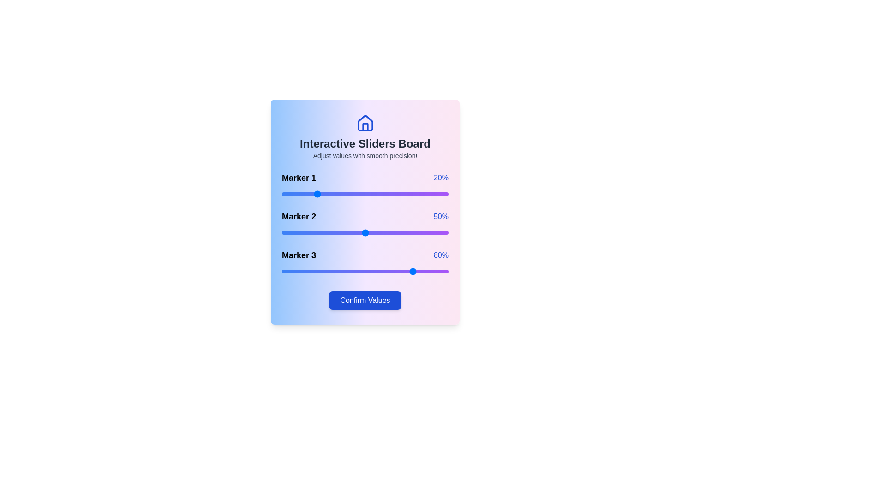 The width and height of the screenshot is (886, 498). What do you see at coordinates (365, 123) in the screenshot?
I see `the header 'Home' icon to access additional functionality` at bounding box center [365, 123].